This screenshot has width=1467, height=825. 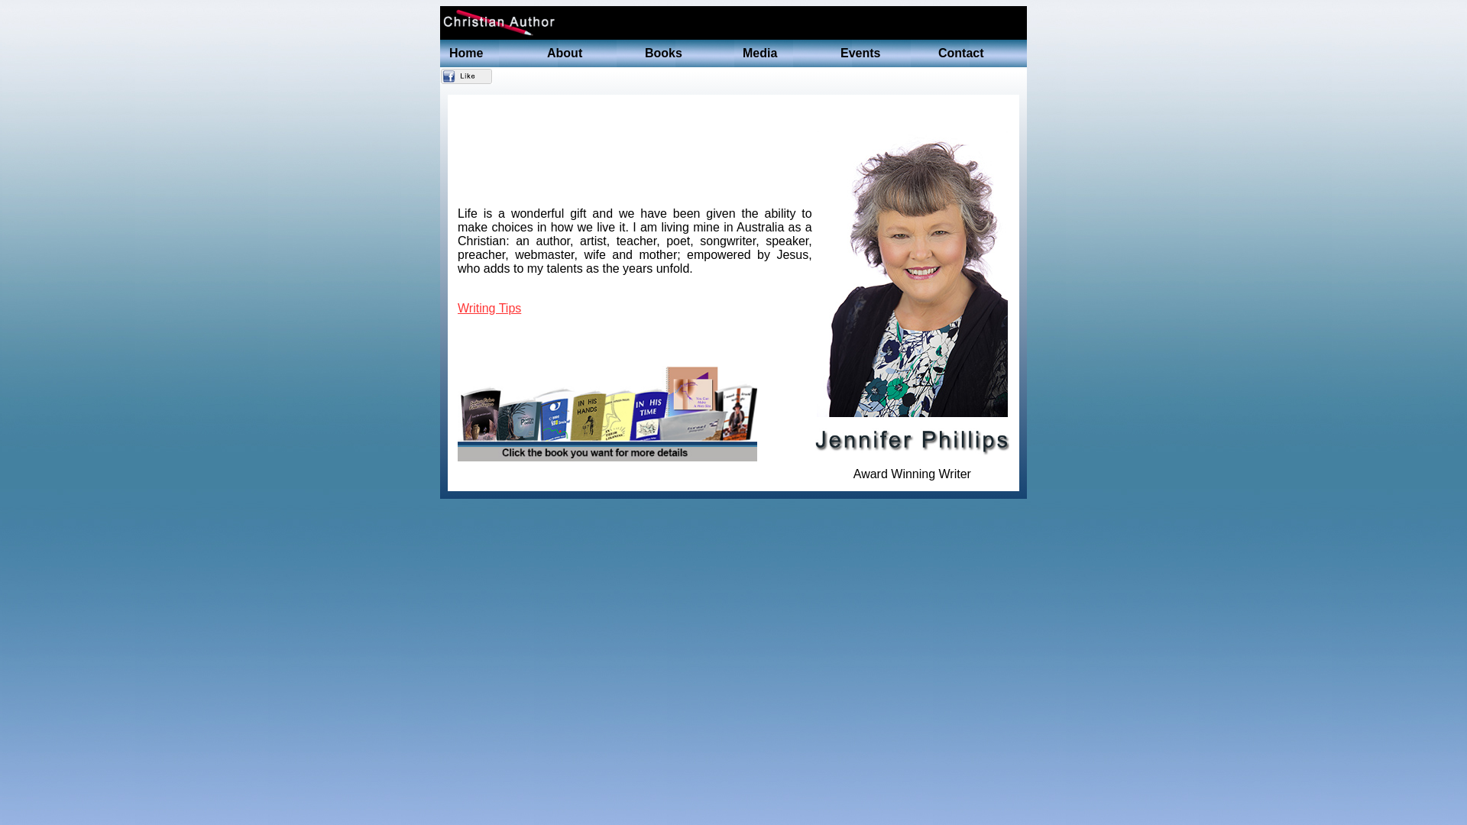 I want to click on 'About', so click(x=538, y=52).